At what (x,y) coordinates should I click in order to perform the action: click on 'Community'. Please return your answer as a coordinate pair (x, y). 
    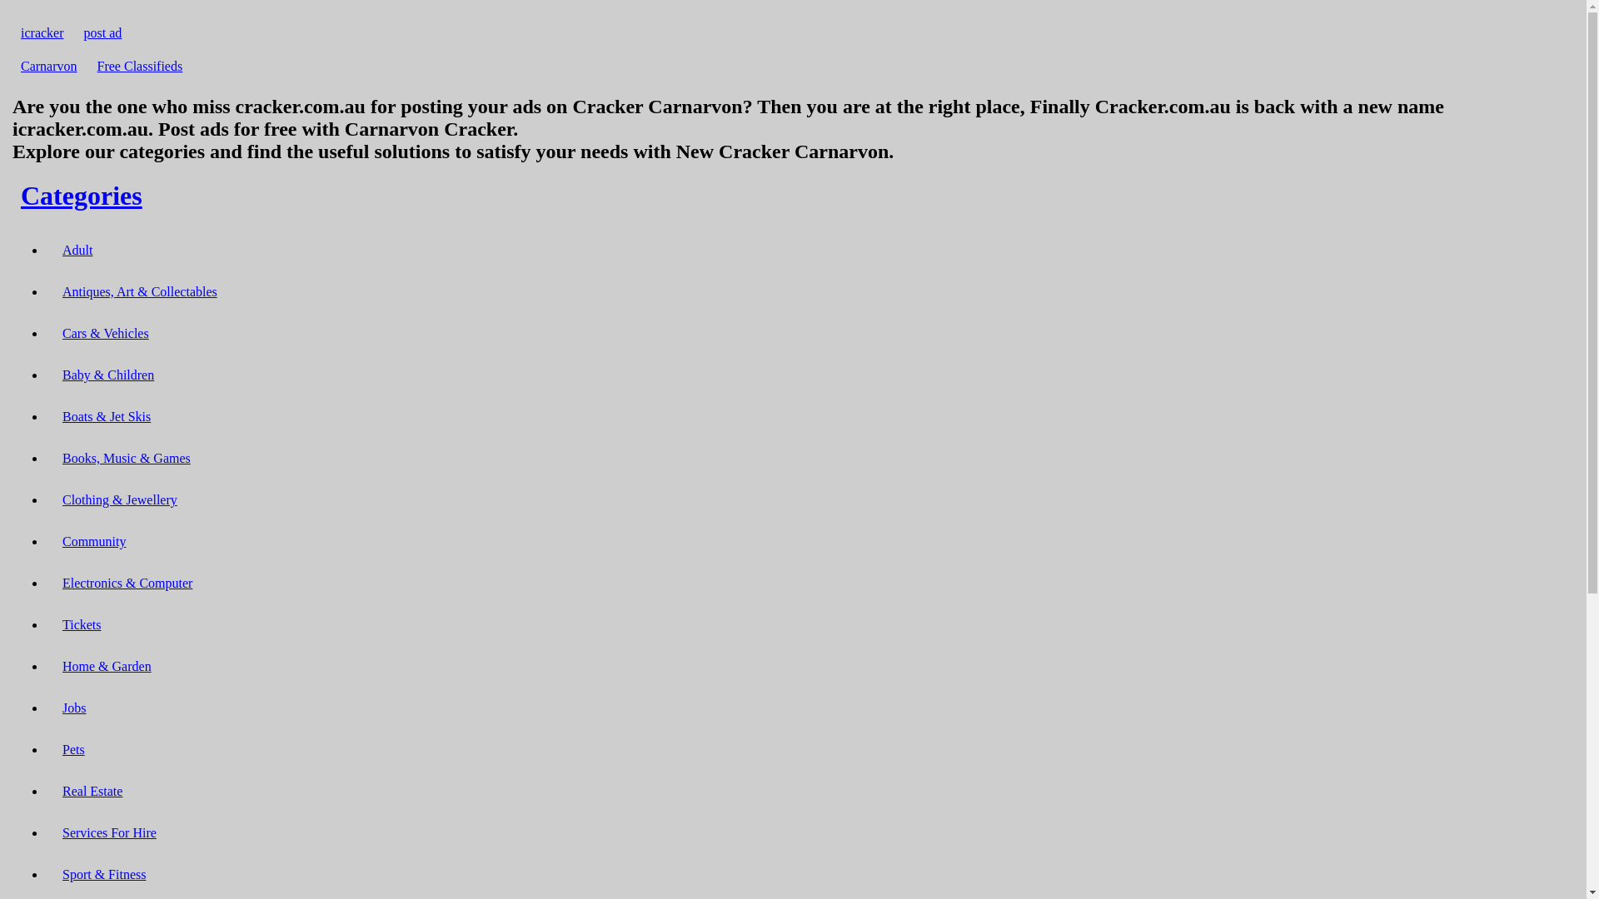
    Looking at the image, I should click on (93, 541).